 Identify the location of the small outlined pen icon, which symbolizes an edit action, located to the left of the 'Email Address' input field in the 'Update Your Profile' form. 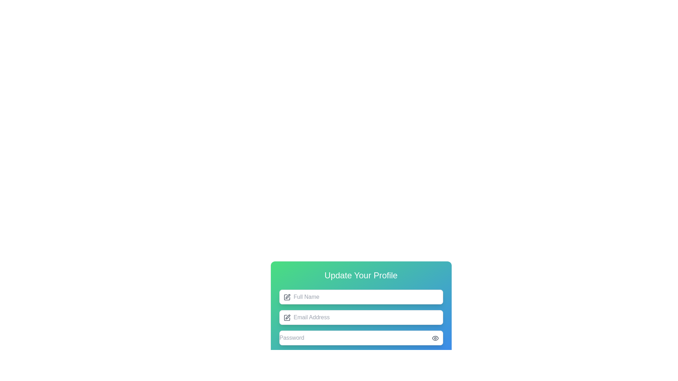
(288, 316).